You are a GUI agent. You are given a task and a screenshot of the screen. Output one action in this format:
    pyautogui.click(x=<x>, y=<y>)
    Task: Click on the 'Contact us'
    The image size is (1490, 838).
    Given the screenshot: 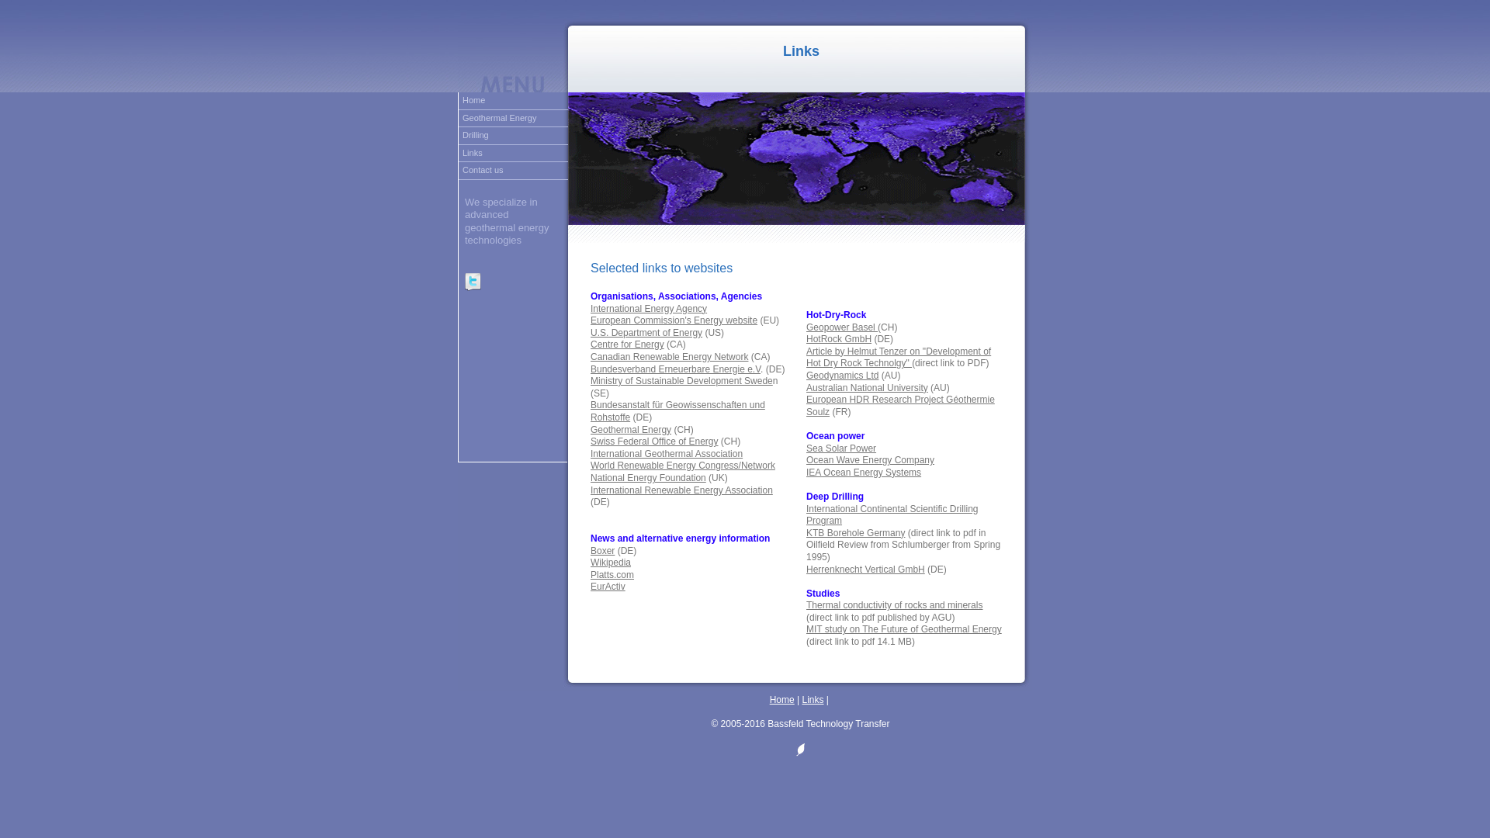 What is the action you would take?
    pyautogui.click(x=457, y=171)
    